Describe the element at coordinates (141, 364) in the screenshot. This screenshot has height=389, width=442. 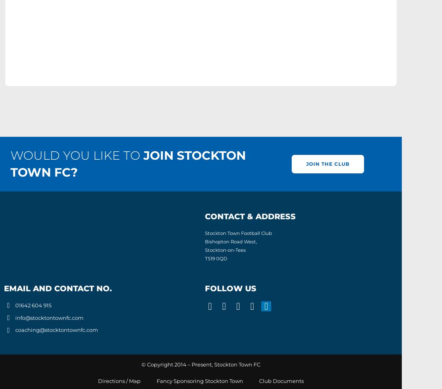
I see `'© Copyright 2014 – Present, Stockton Town FC'` at that location.